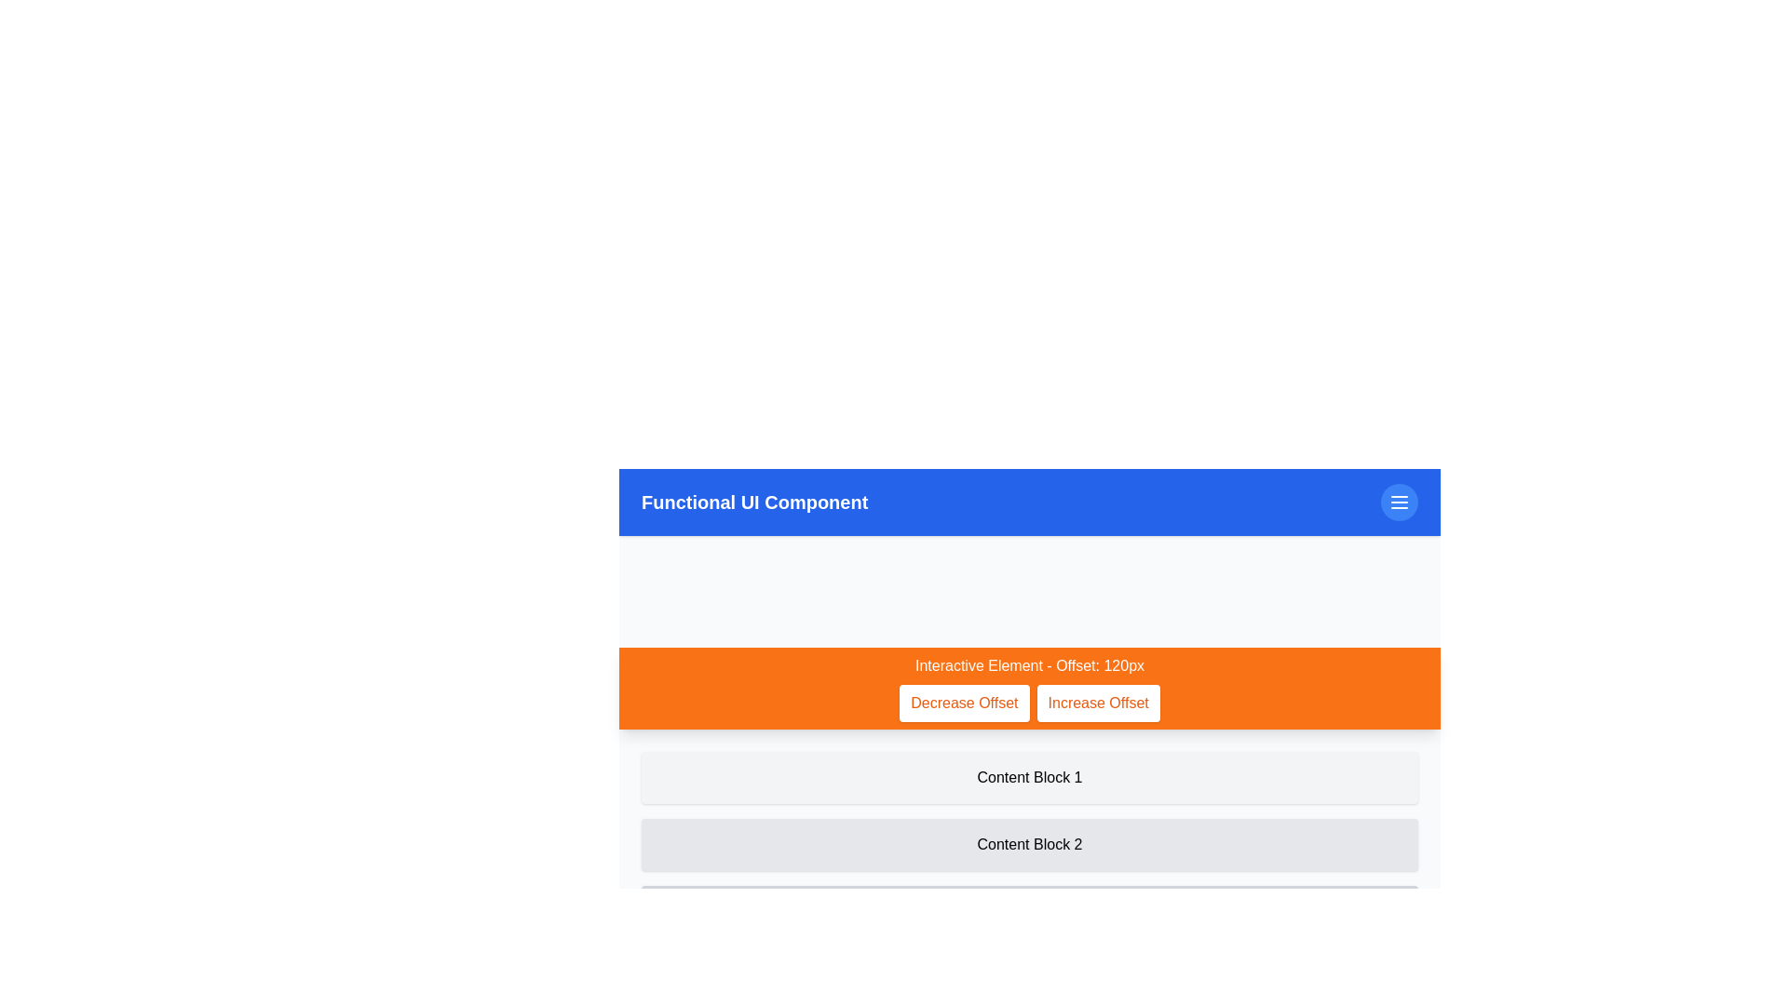  What do you see at coordinates (1399, 502) in the screenshot?
I see `the Menu Toggle Icon located at the top right corner of the blue header bar` at bounding box center [1399, 502].